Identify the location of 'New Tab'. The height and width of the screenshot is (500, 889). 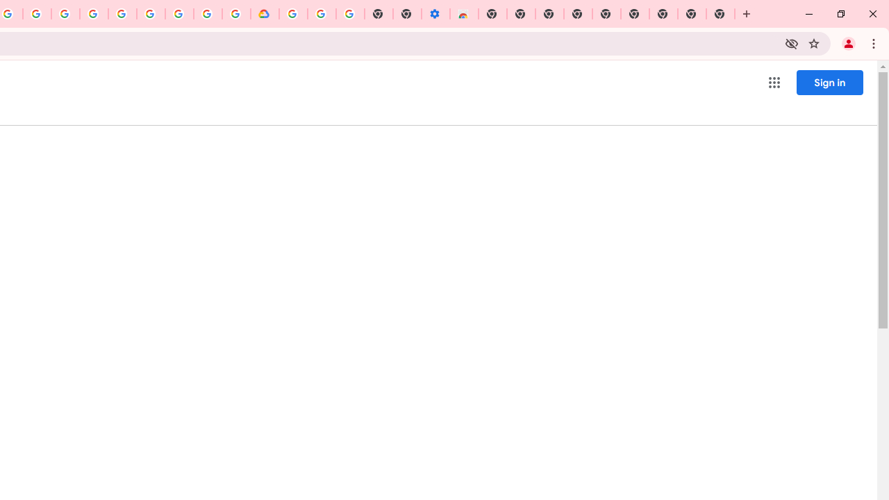
(721, 14).